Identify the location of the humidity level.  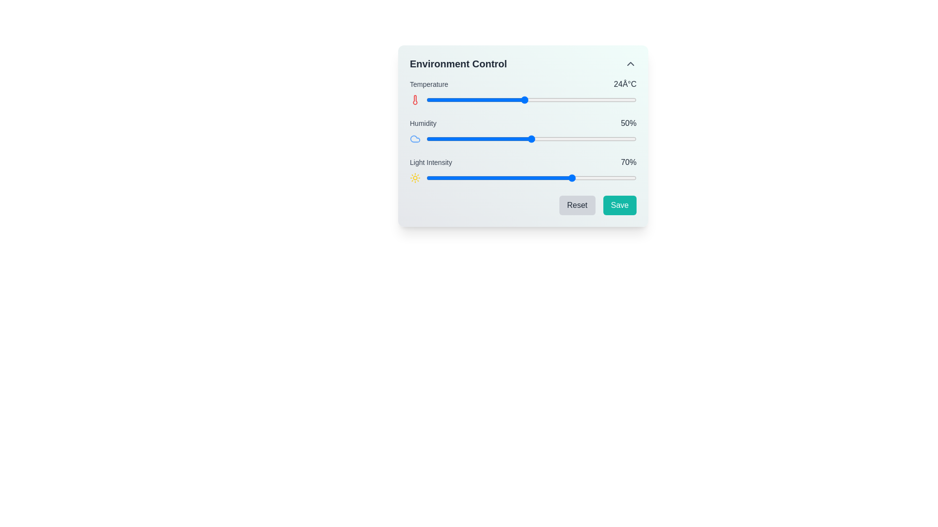
(630, 139).